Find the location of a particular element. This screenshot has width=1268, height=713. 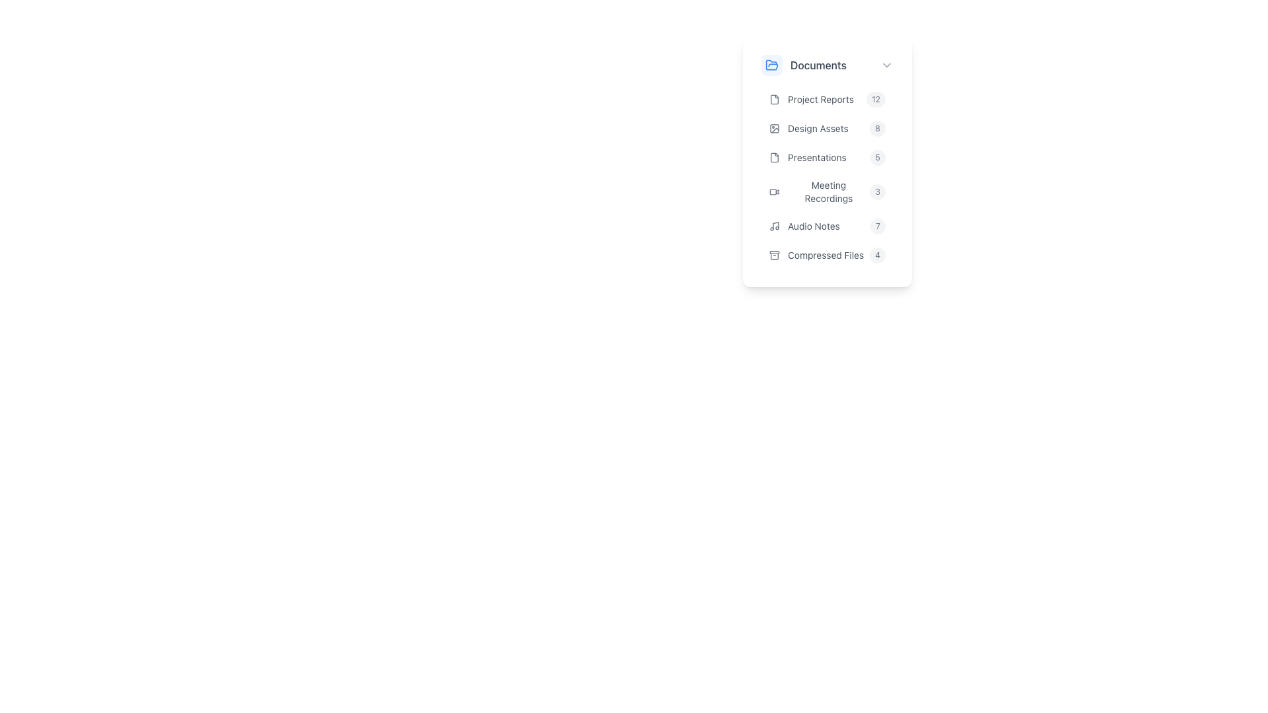

the Counter badge, which is a small rounded rectangle with a light gray background containing the text '12'. It changes color to a light blue background and blue text upon hover is located at coordinates (876, 98).